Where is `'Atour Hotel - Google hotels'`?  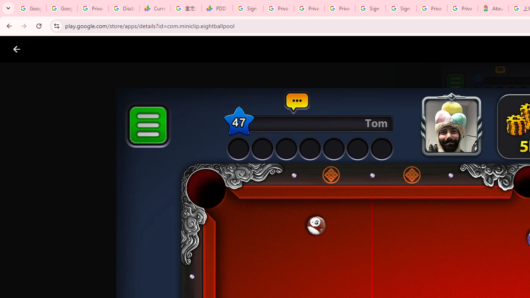 'Atour Hotel - Google hotels' is located at coordinates (493, 8).